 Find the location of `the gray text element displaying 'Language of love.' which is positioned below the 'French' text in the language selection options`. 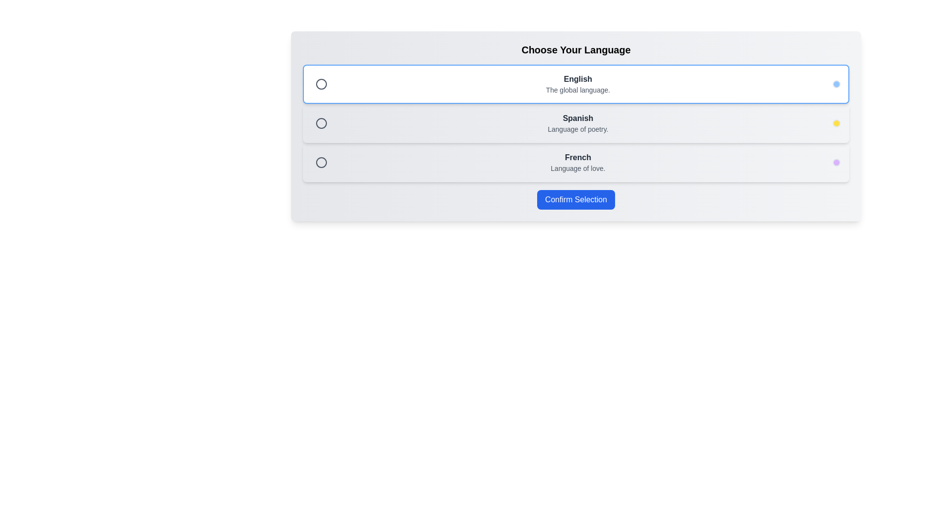

the gray text element displaying 'Language of love.' which is positioned below the 'French' text in the language selection options is located at coordinates (578, 168).